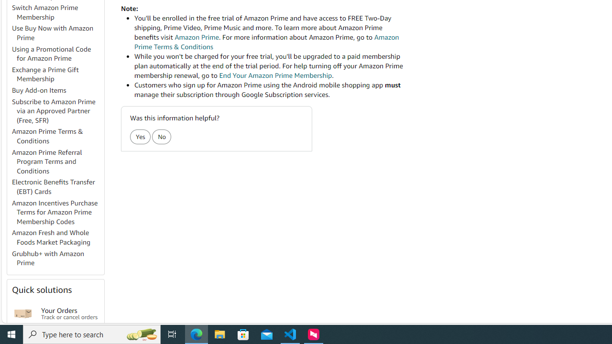 This screenshot has width=612, height=344. What do you see at coordinates (57, 32) in the screenshot?
I see `'Use Buy Now with Amazon Prime'` at bounding box center [57, 32].